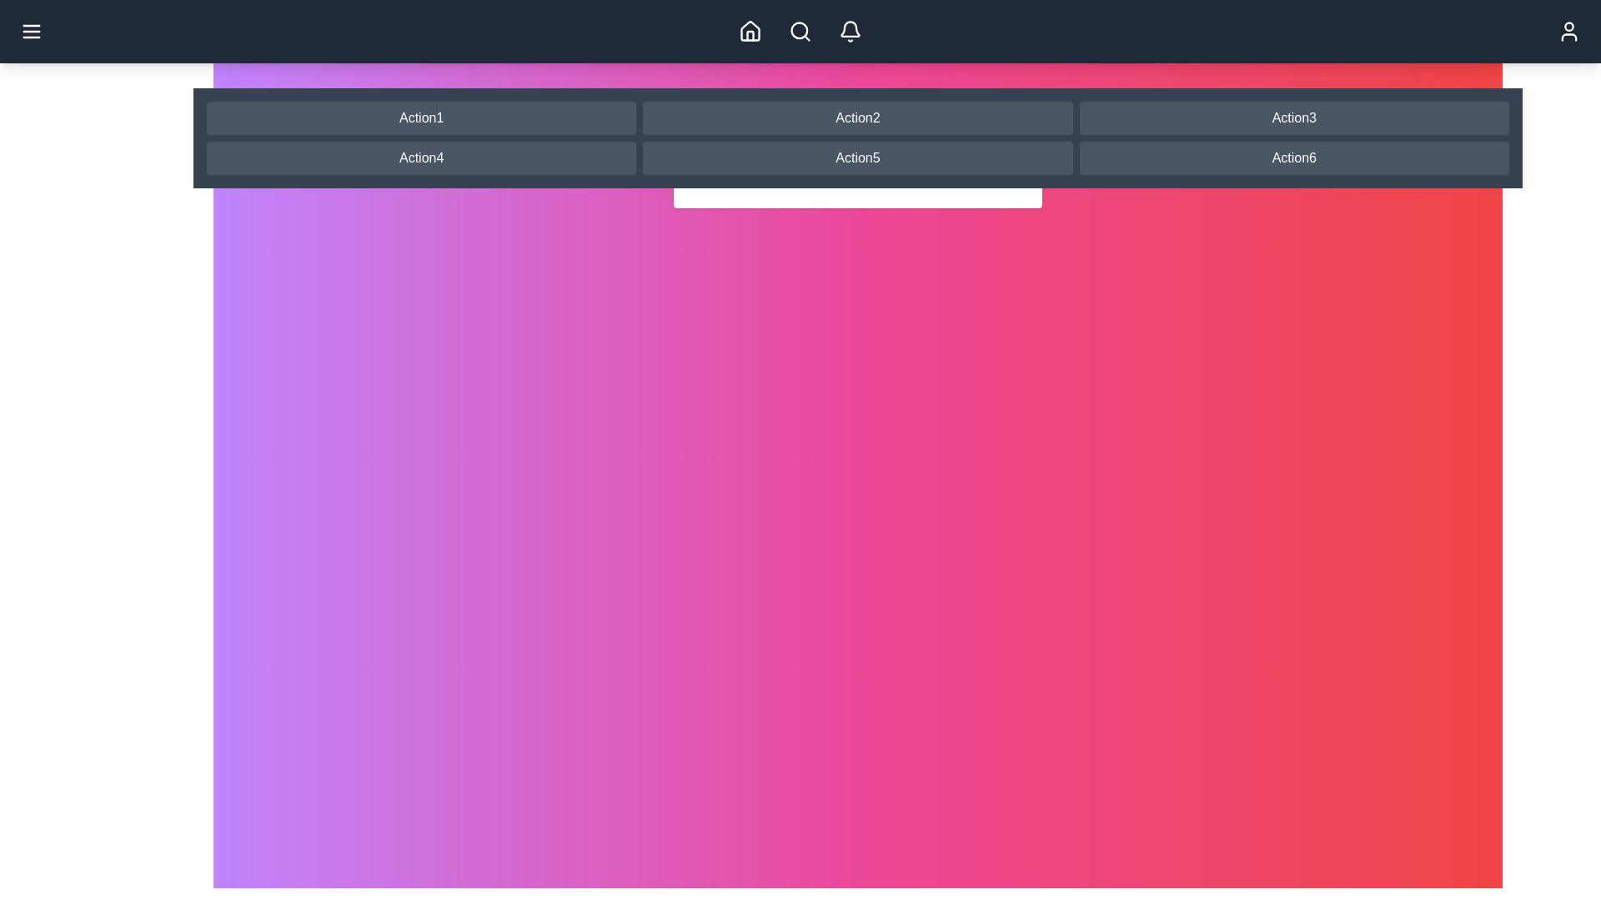 This screenshot has width=1601, height=900. What do you see at coordinates (32, 32) in the screenshot?
I see `the menu button to toggle the menu visibility` at bounding box center [32, 32].